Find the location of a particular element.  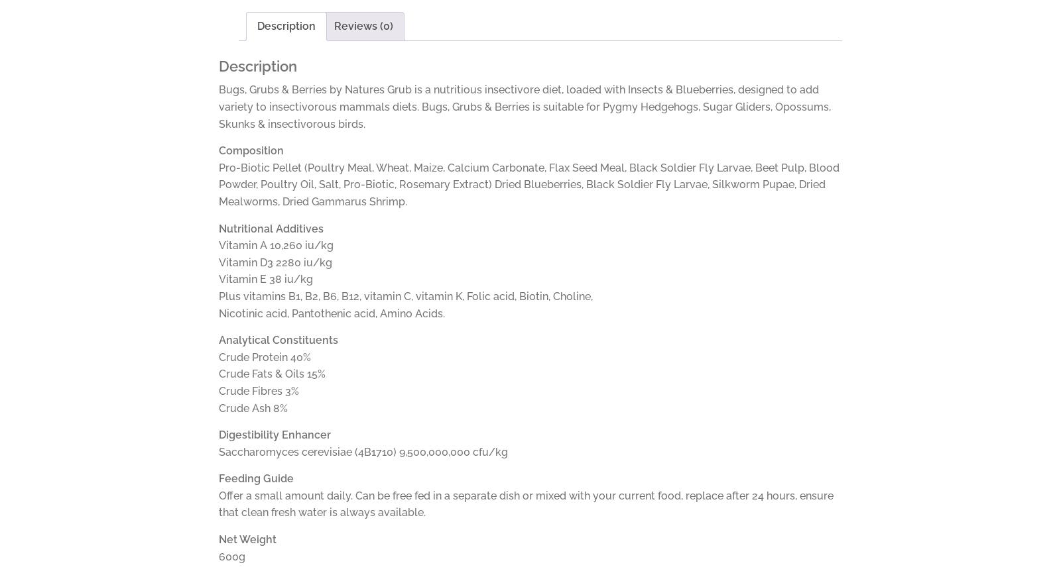

'Crude Fats & Oils 15%' is located at coordinates (271, 374).